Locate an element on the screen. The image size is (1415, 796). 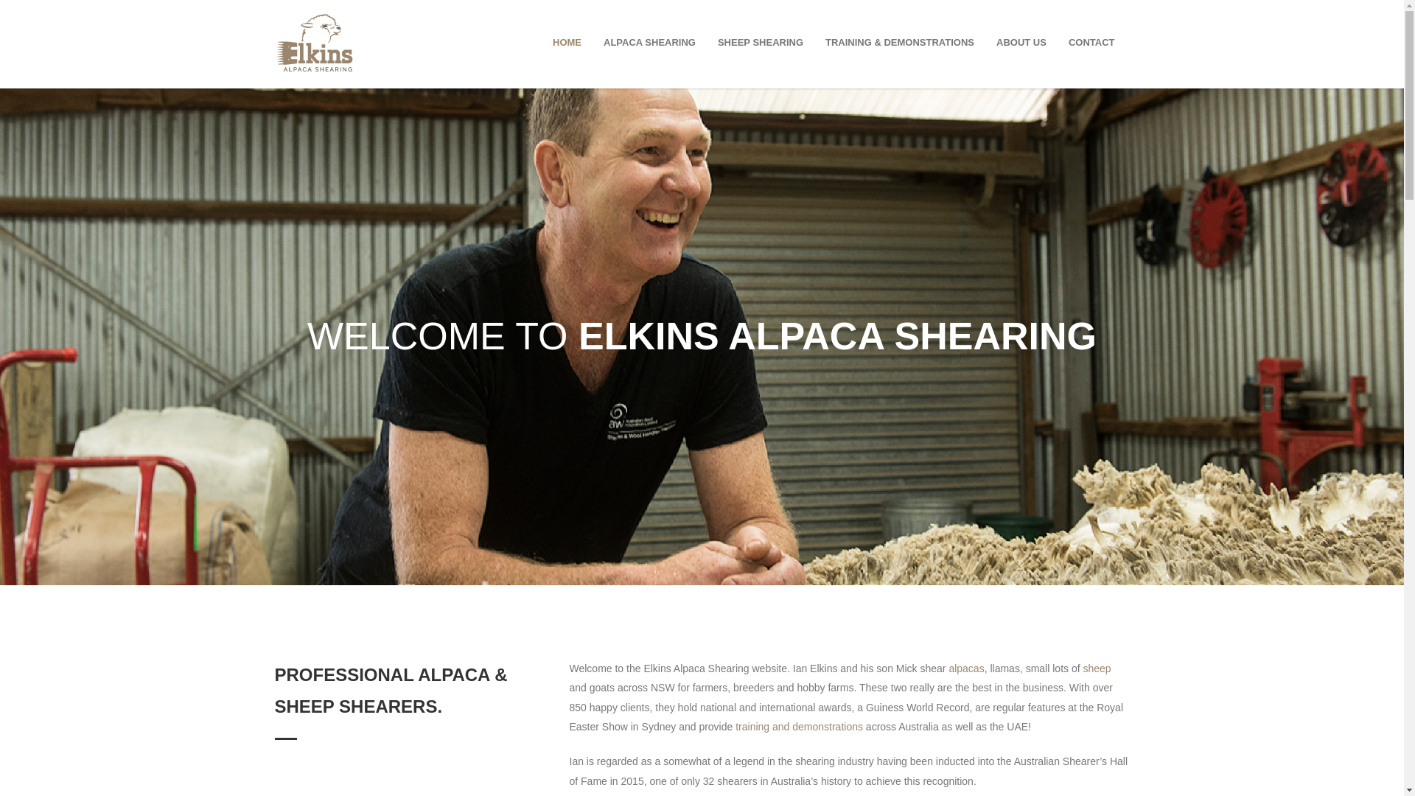
'HOME' is located at coordinates (566, 41).